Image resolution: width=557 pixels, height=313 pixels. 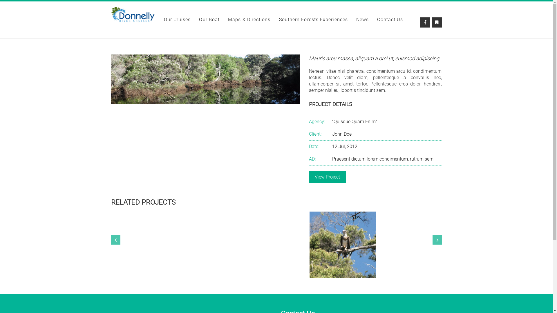 I want to click on 'Our Cruises', so click(x=177, y=20).